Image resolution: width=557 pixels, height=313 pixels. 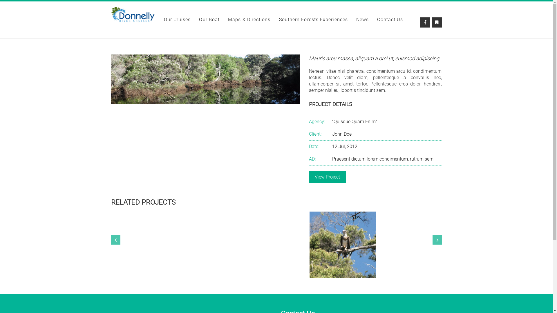 I want to click on 'Our Cruises', so click(x=177, y=20).